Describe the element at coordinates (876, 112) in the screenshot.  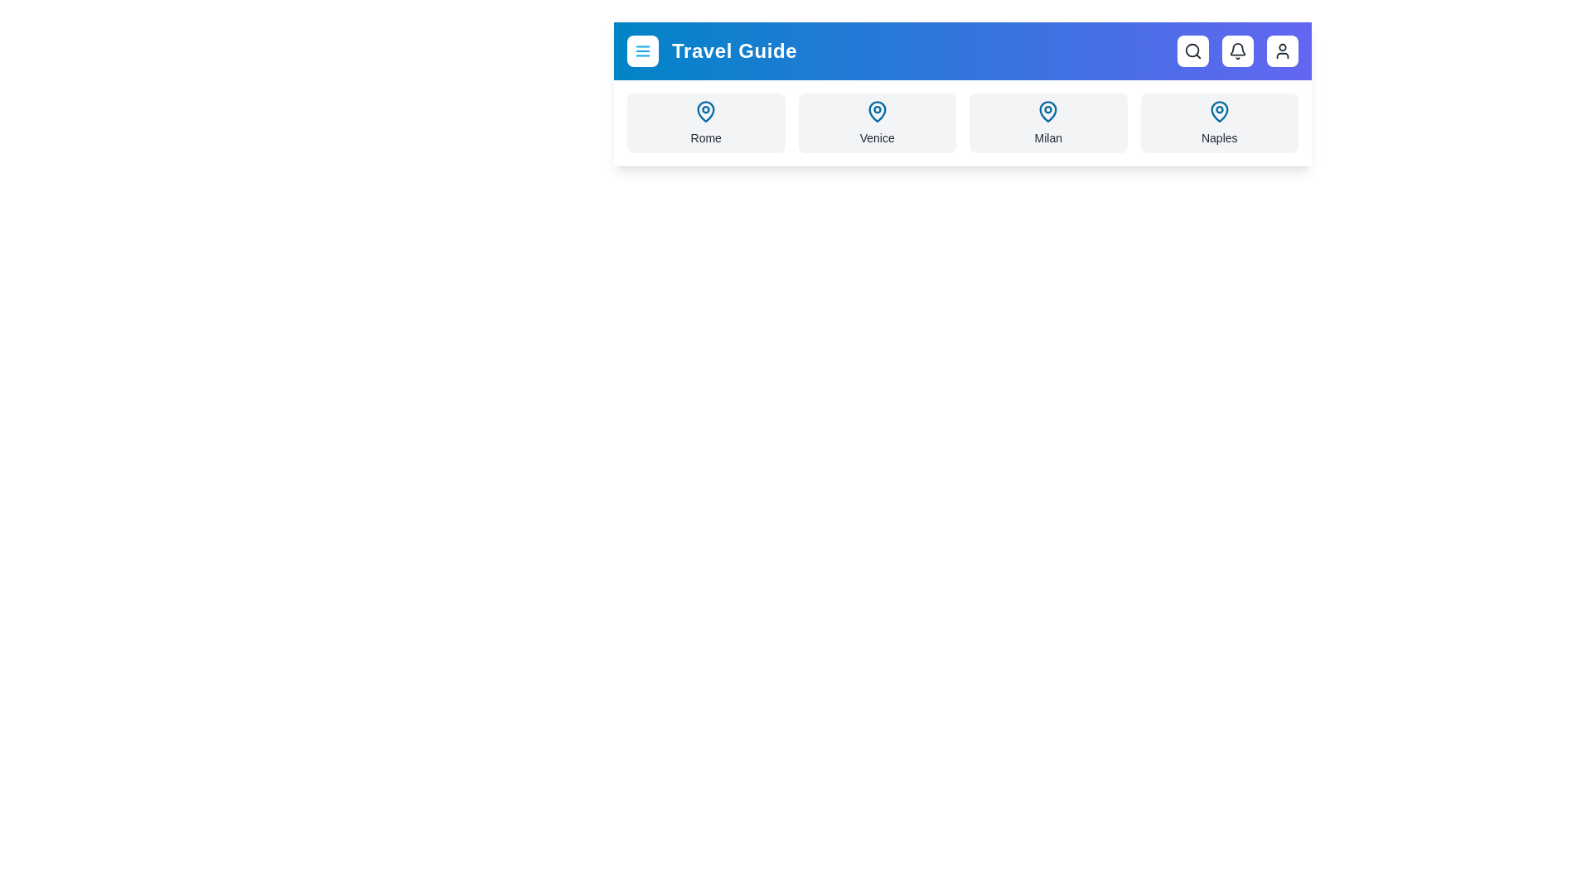
I see `the map pin icon for Venice` at that location.